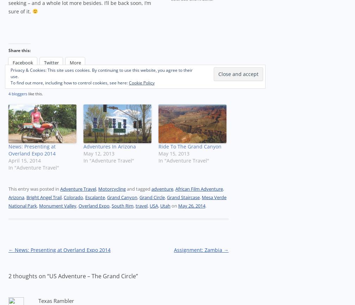  What do you see at coordinates (151, 189) in the screenshot?
I see `'adventure'` at bounding box center [151, 189].